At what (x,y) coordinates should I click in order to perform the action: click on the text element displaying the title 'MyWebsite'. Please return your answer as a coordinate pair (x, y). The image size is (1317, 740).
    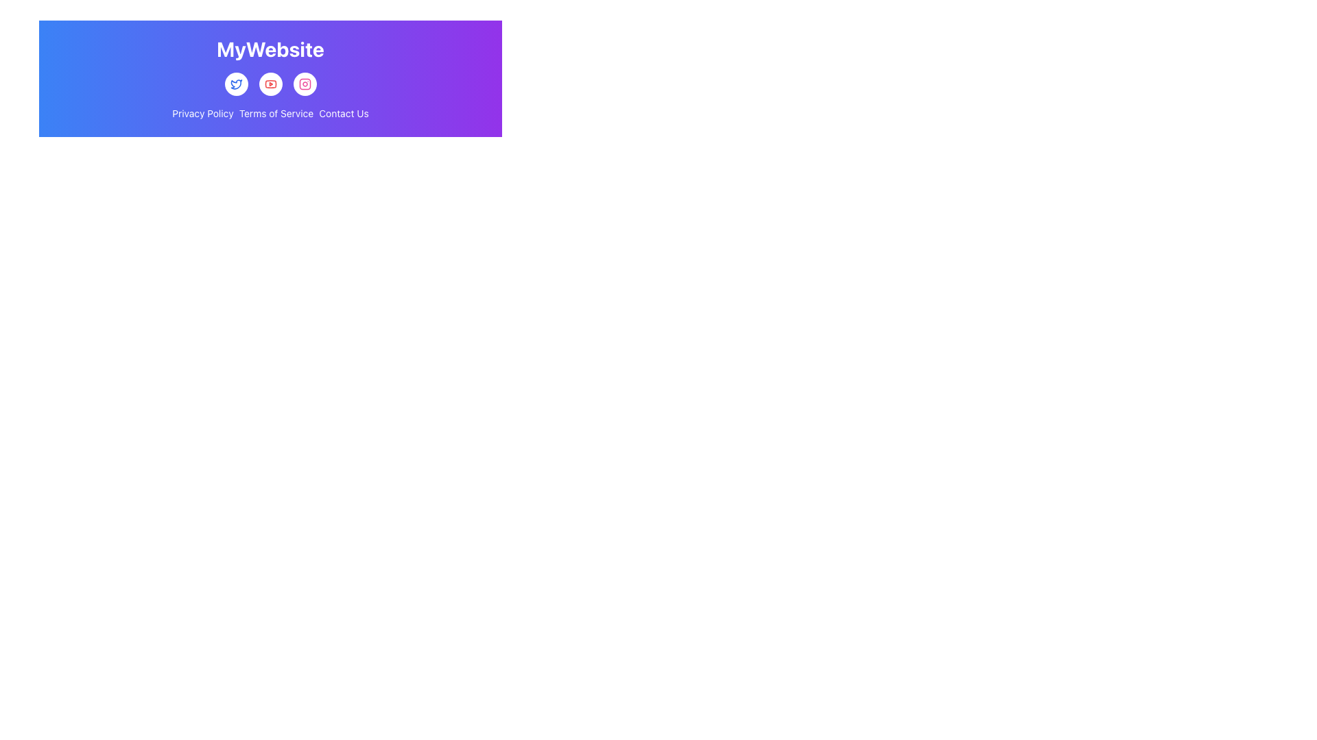
    Looking at the image, I should click on (270, 49).